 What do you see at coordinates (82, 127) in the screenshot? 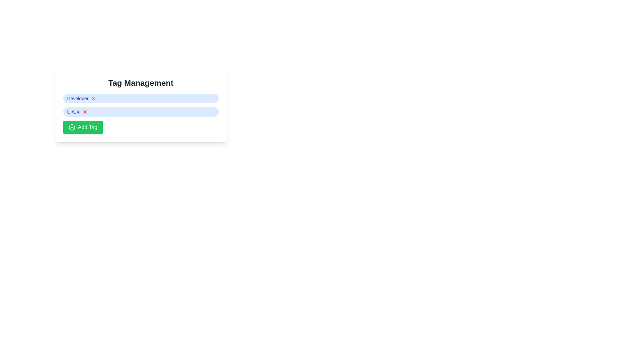
I see `the 'Add Tag' button, which is a green rectangular button with rounded corners located at the bottom of the 'Tag Management' section` at bounding box center [82, 127].